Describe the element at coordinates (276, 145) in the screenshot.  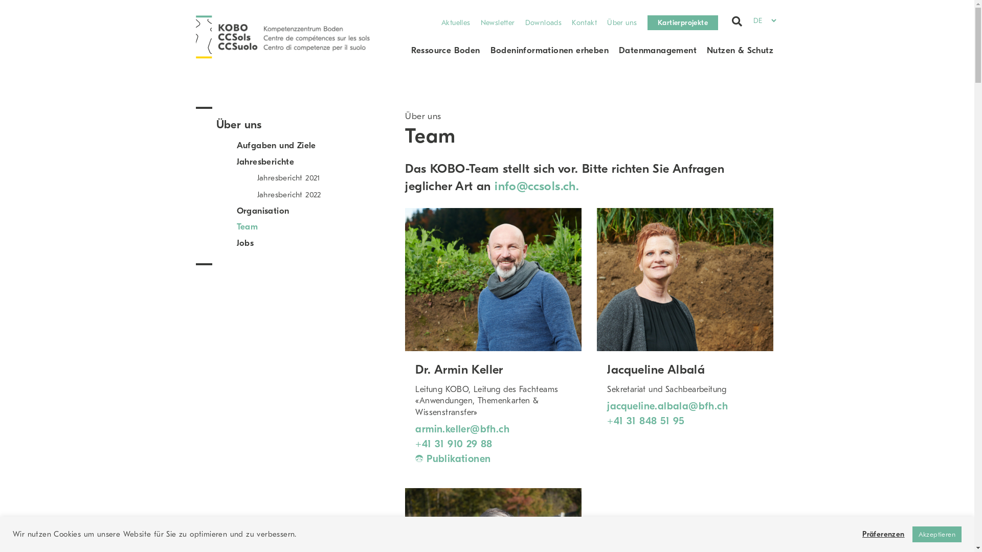
I see `'Aufgaben und Ziele'` at that location.